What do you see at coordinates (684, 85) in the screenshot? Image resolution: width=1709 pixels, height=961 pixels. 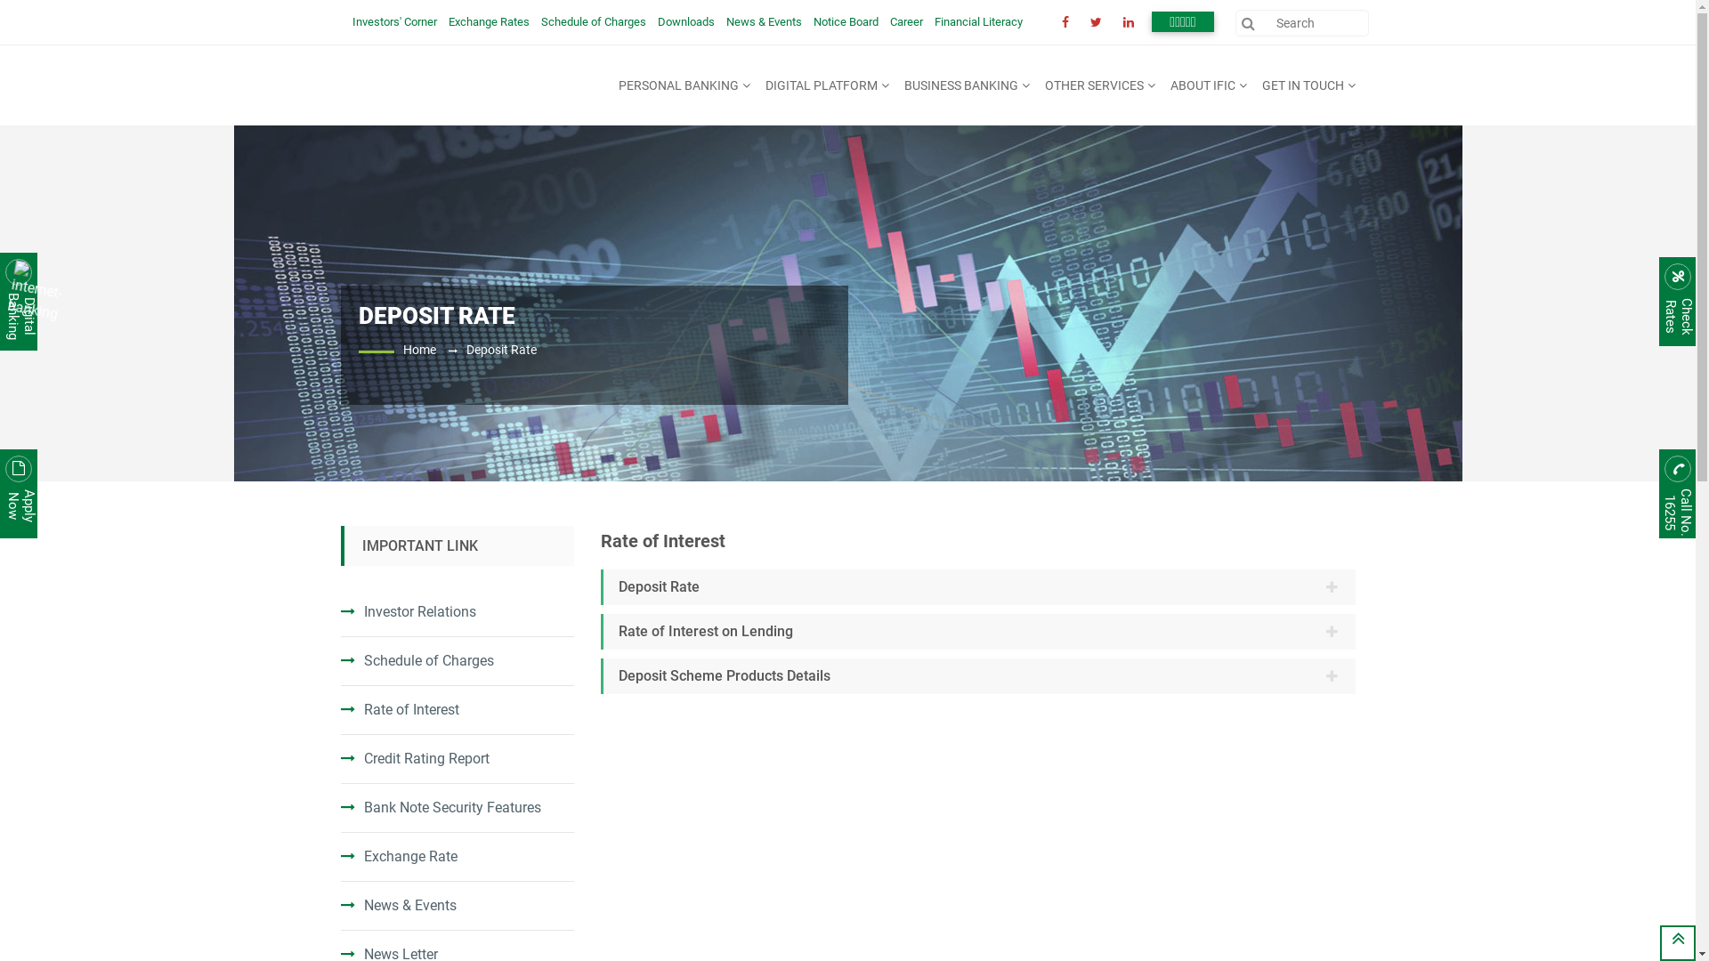 I see `'PERSONAL BANKING'` at bounding box center [684, 85].